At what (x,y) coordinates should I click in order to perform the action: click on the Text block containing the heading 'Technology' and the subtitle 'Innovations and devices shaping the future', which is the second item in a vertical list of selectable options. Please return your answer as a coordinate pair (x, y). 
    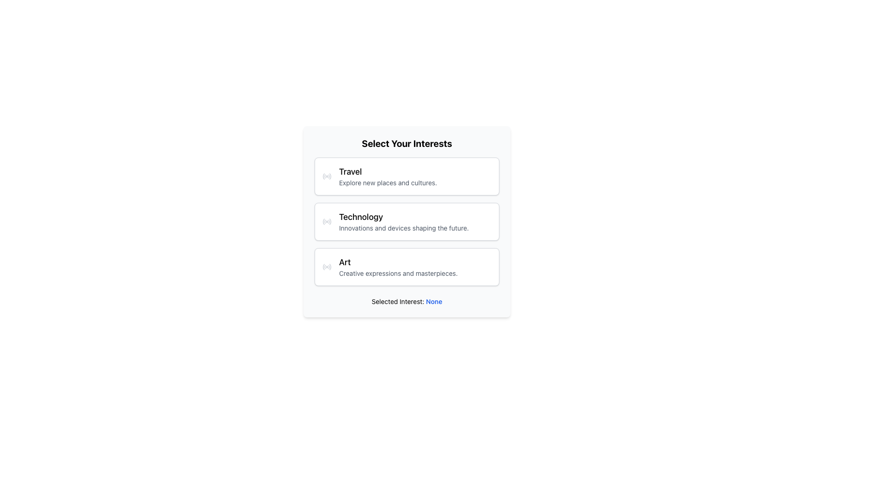
    Looking at the image, I should click on (404, 221).